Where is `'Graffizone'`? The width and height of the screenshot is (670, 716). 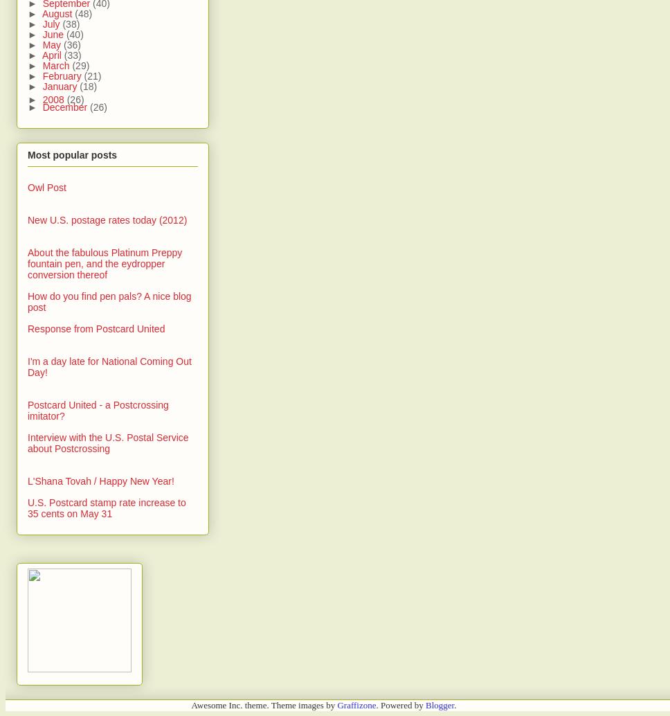 'Graffizone' is located at coordinates (356, 704).